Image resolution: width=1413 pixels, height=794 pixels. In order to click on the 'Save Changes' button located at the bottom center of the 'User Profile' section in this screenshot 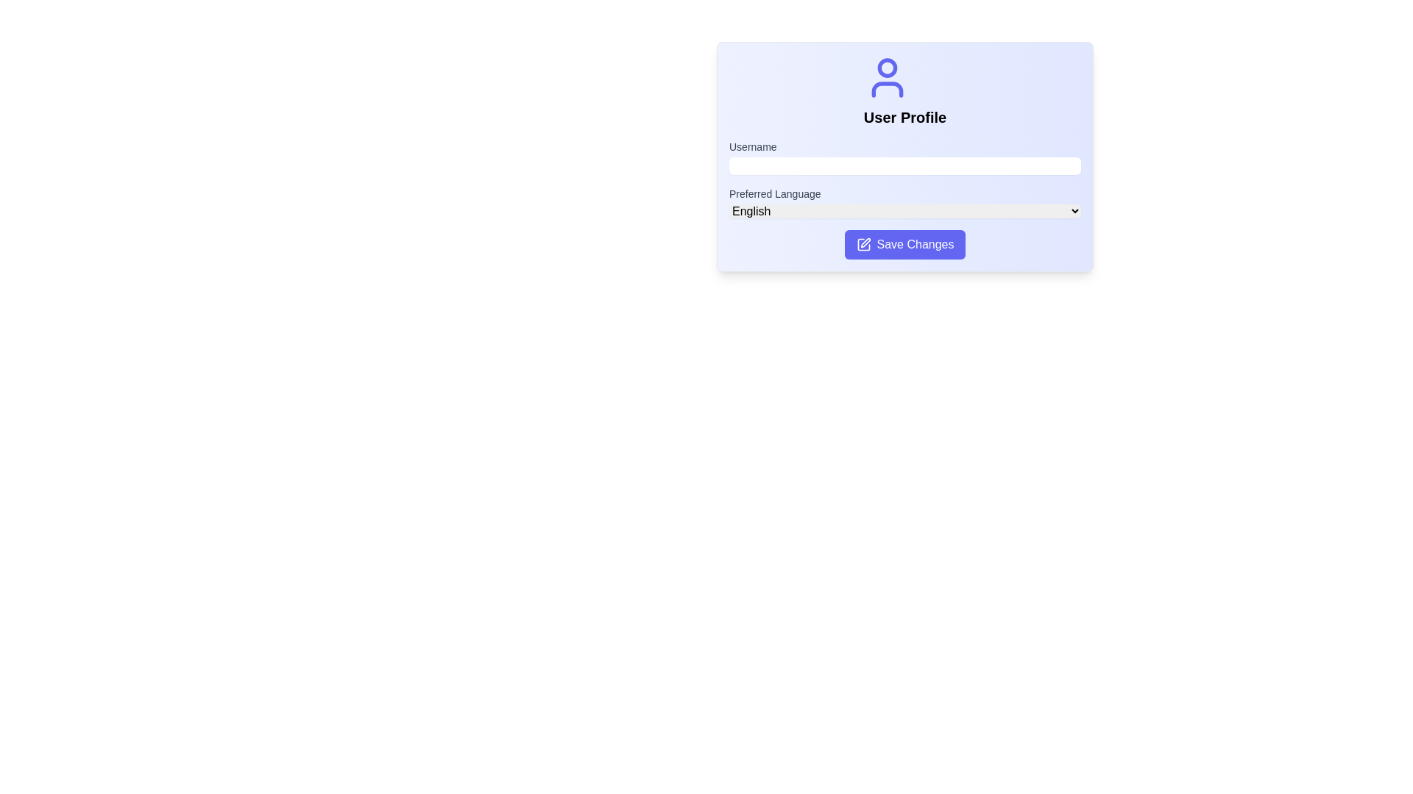, I will do `click(904, 243)`.